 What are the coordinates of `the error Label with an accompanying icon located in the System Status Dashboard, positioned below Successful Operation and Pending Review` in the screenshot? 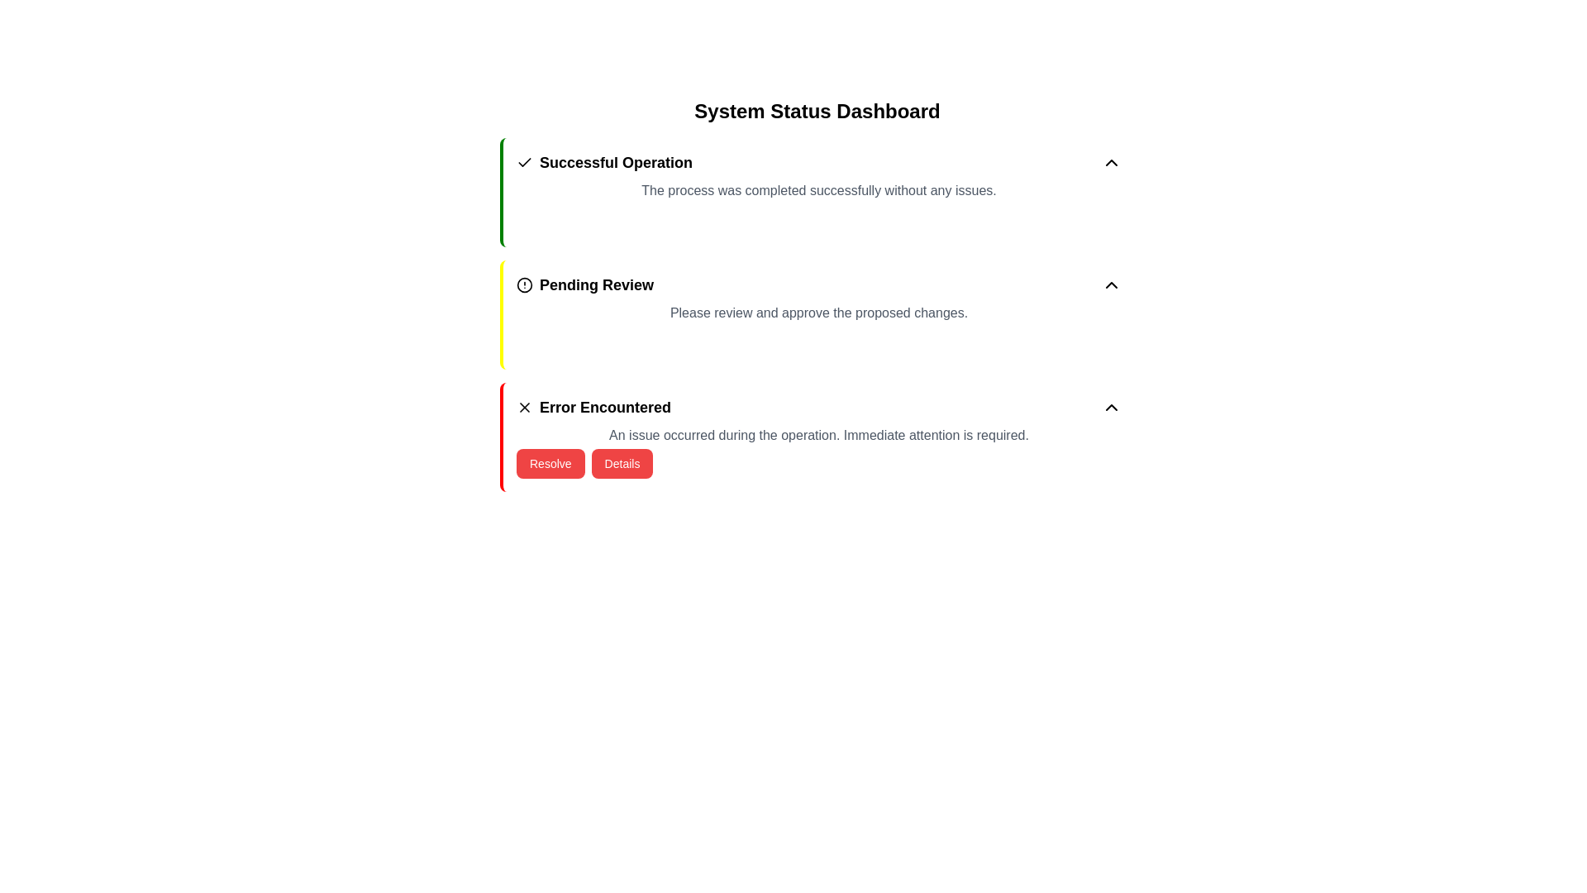 It's located at (593, 408).